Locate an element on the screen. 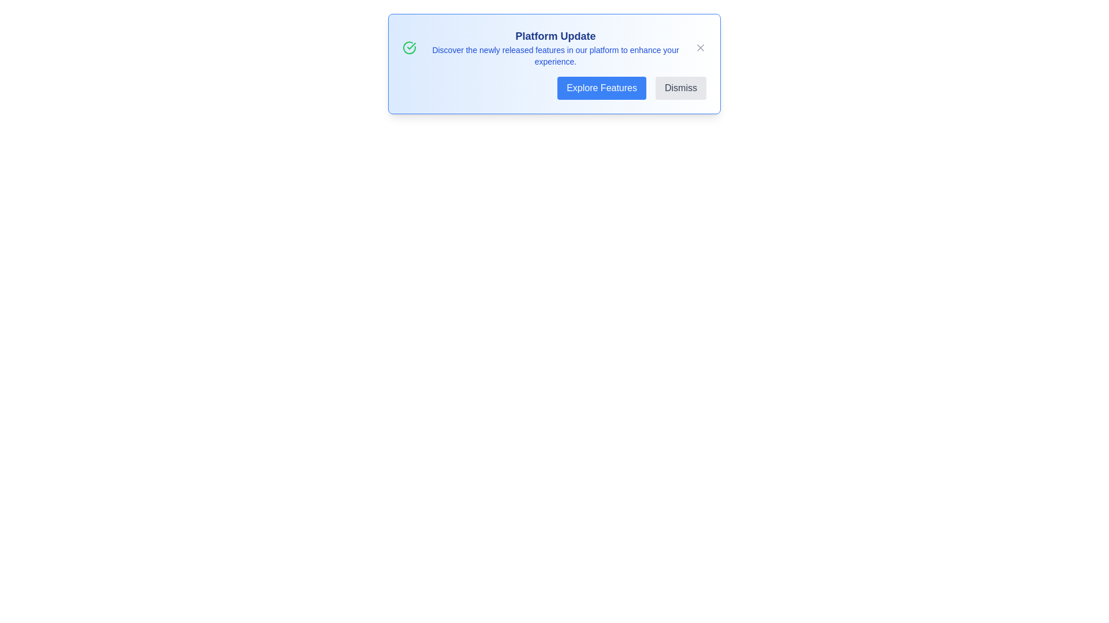 The image size is (1109, 623). 'Dismiss' button to close the alert is located at coordinates (681, 88).